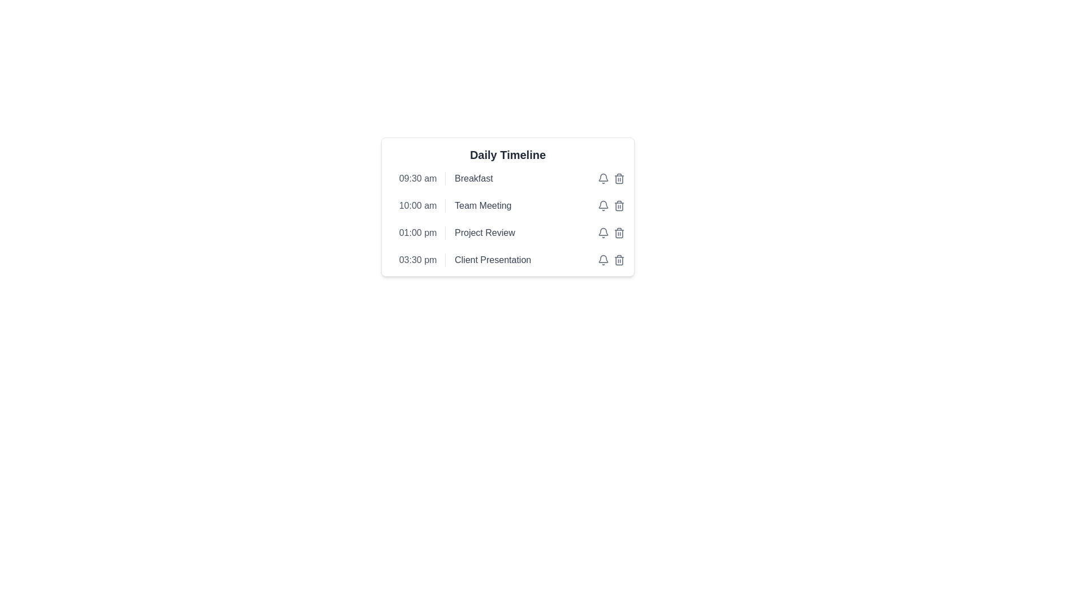  Describe the element at coordinates (618, 260) in the screenshot. I see `the delete icon button for the 'Client Presentation' entry in the Daily Timeline` at that location.